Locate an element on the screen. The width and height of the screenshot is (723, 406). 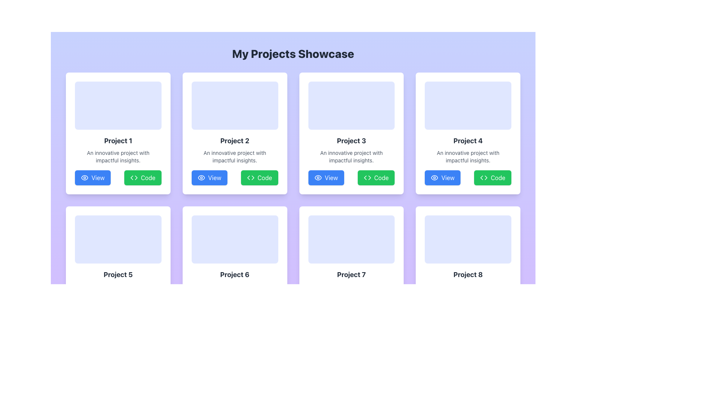
the left-pointing arrow icon within the 'Code' button of the fourth project titled 'Project 4' in the grid layout is located at coordinates (481, 178).